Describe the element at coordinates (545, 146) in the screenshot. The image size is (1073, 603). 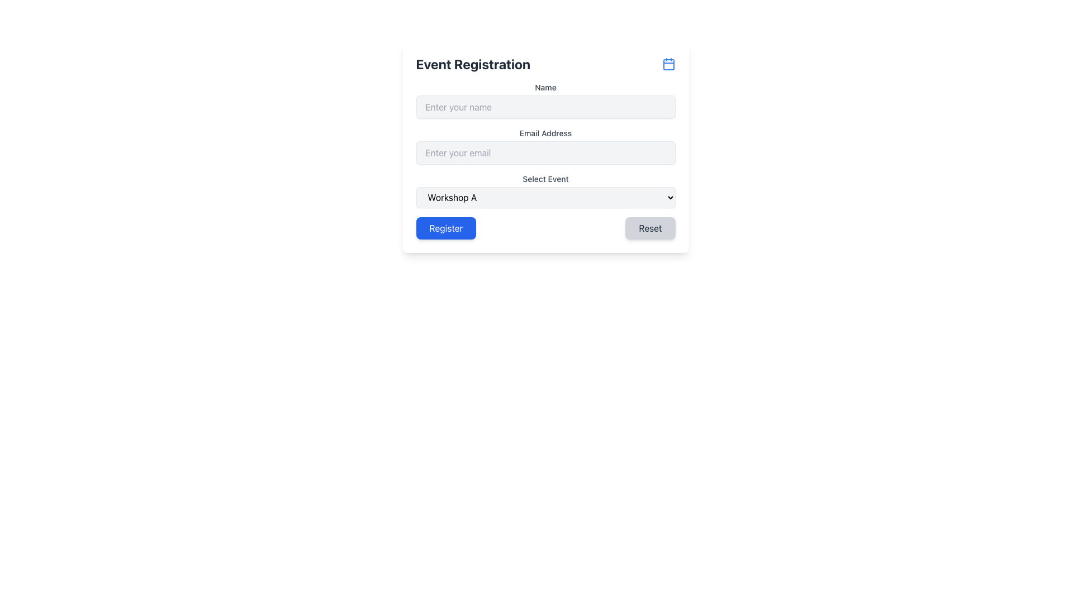
I see `into the email input field located below the 'Name' field in the central registration form to type an email address` at that location.